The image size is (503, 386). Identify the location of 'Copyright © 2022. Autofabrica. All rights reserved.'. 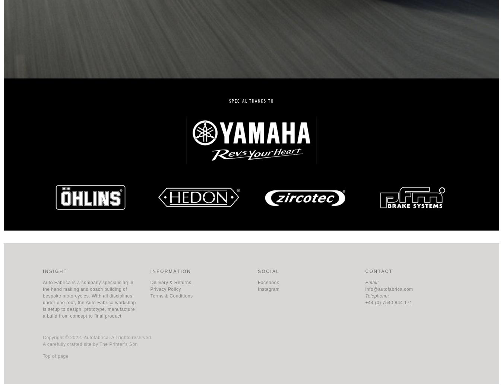
(43, 337).